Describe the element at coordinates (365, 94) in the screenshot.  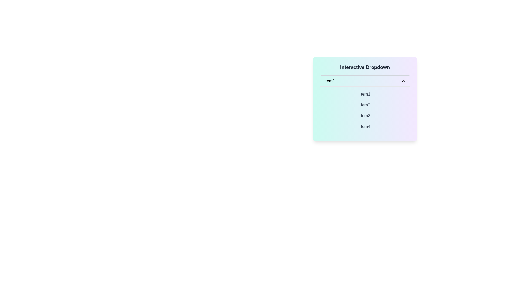
I see `the first item in the dropdown menu that allows users to select 'Item1'` at that location.